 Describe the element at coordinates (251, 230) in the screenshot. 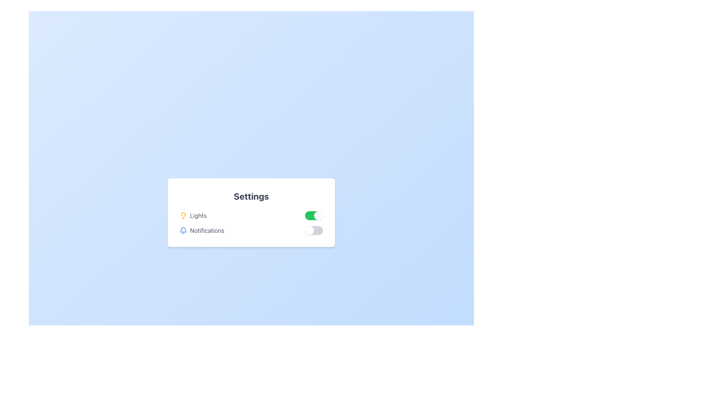

I see `the toggle switch in the Notifications row` at that location.